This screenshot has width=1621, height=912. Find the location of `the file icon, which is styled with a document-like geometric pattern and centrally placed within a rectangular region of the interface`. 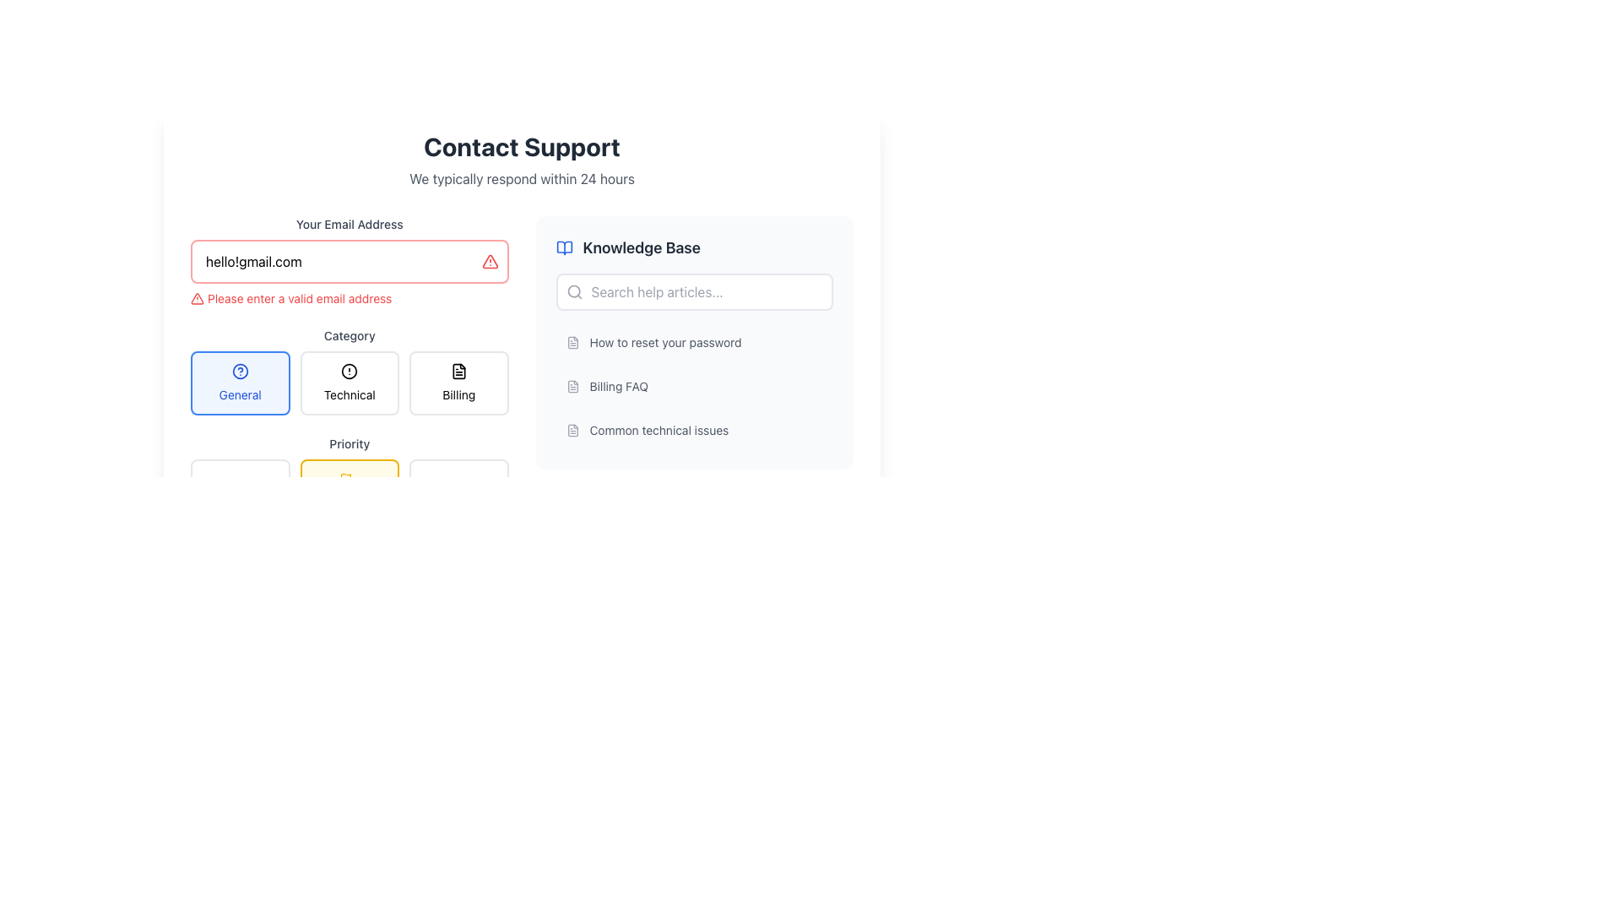

the file icon, which is styled with a document-like geometric pattern and centrally placed within a rectangular region of the interface is located at coordinates (572, 429).